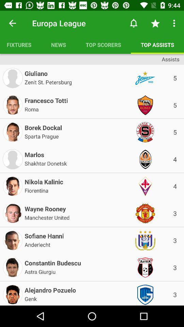 This screenshot has width=184, height=327. What do you see at coordinates (43, 126) in the screenshot?
I see `borek dockal icon` at bounding box center [43, 126].